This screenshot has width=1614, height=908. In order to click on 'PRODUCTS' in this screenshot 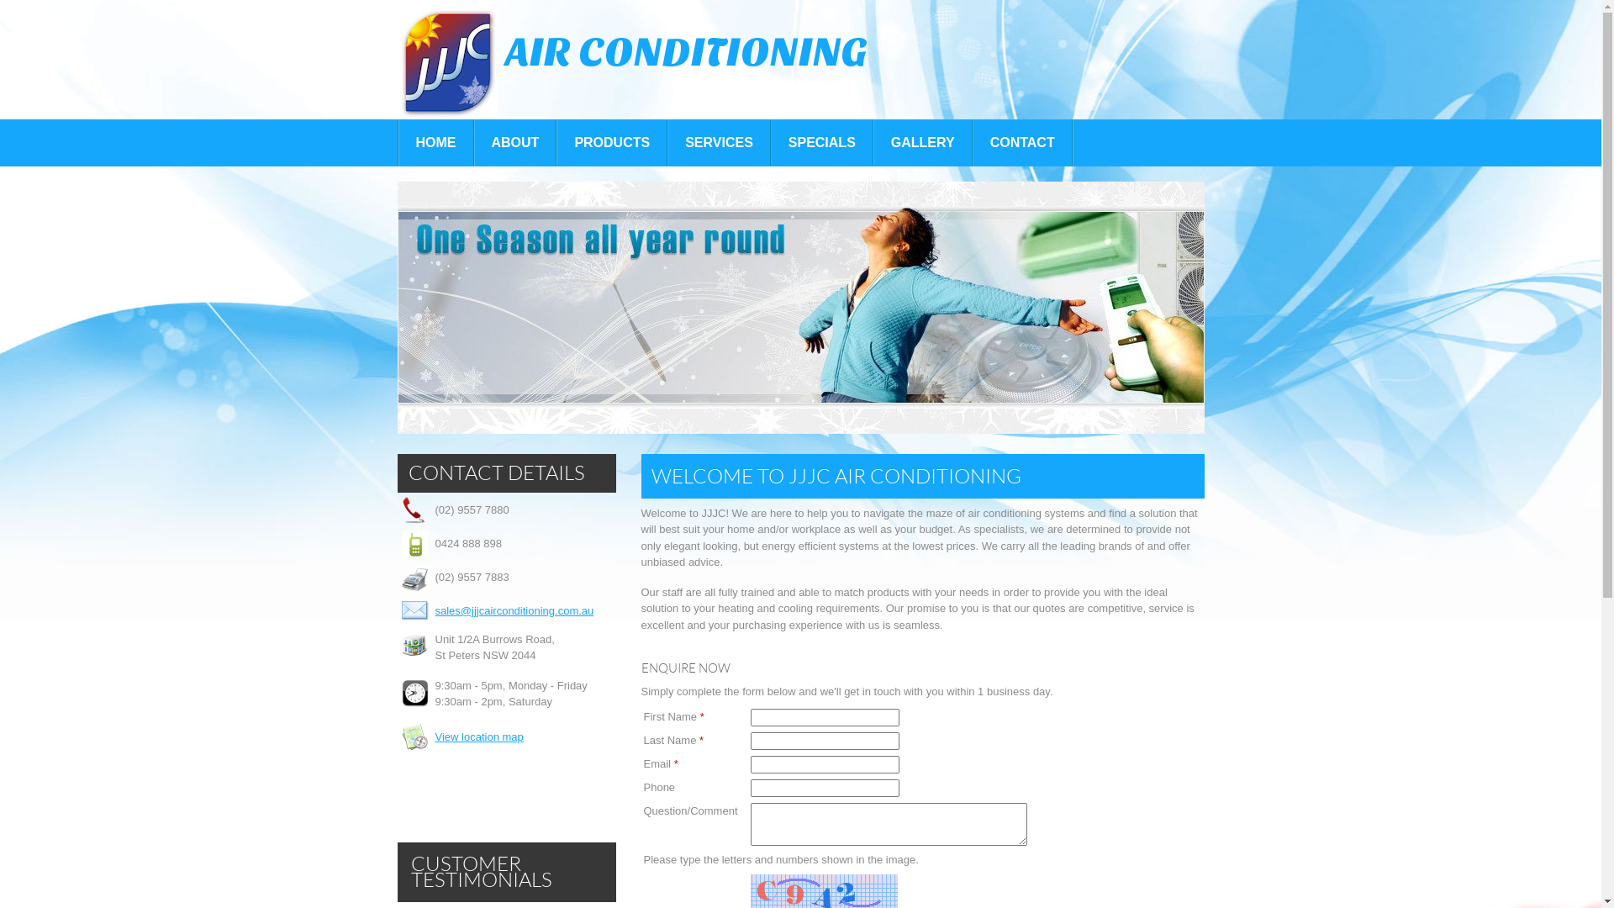, I will do `click(556, 141)`.